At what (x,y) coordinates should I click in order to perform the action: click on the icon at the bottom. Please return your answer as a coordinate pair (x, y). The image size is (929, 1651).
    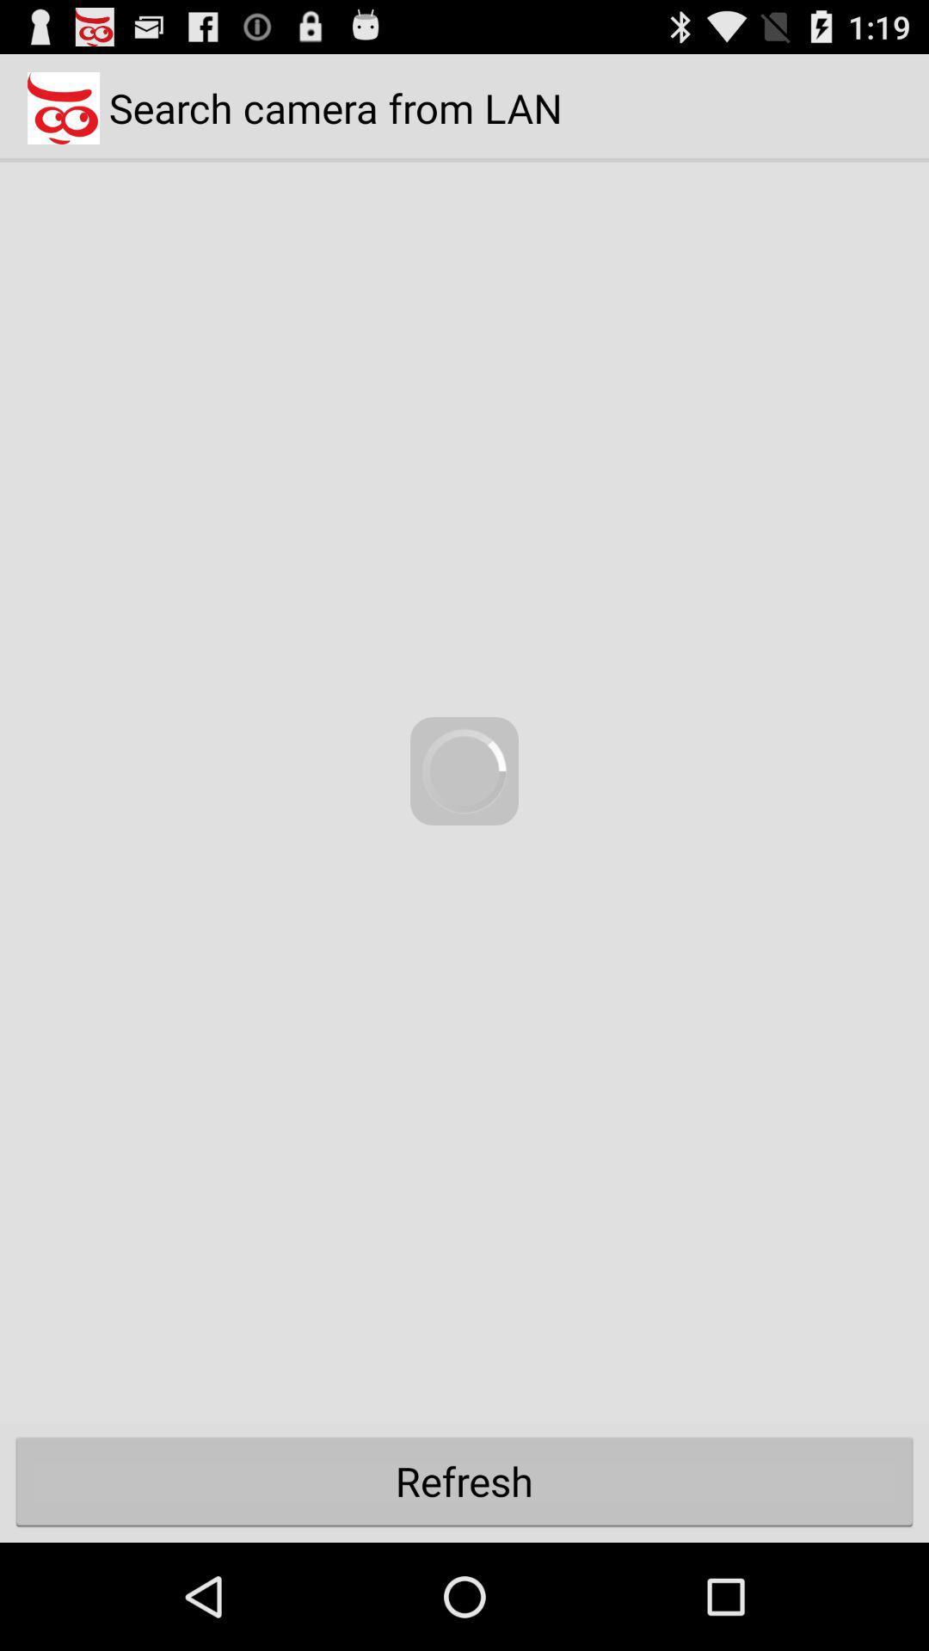
    Looking at the image, I should click on (464, 1480).